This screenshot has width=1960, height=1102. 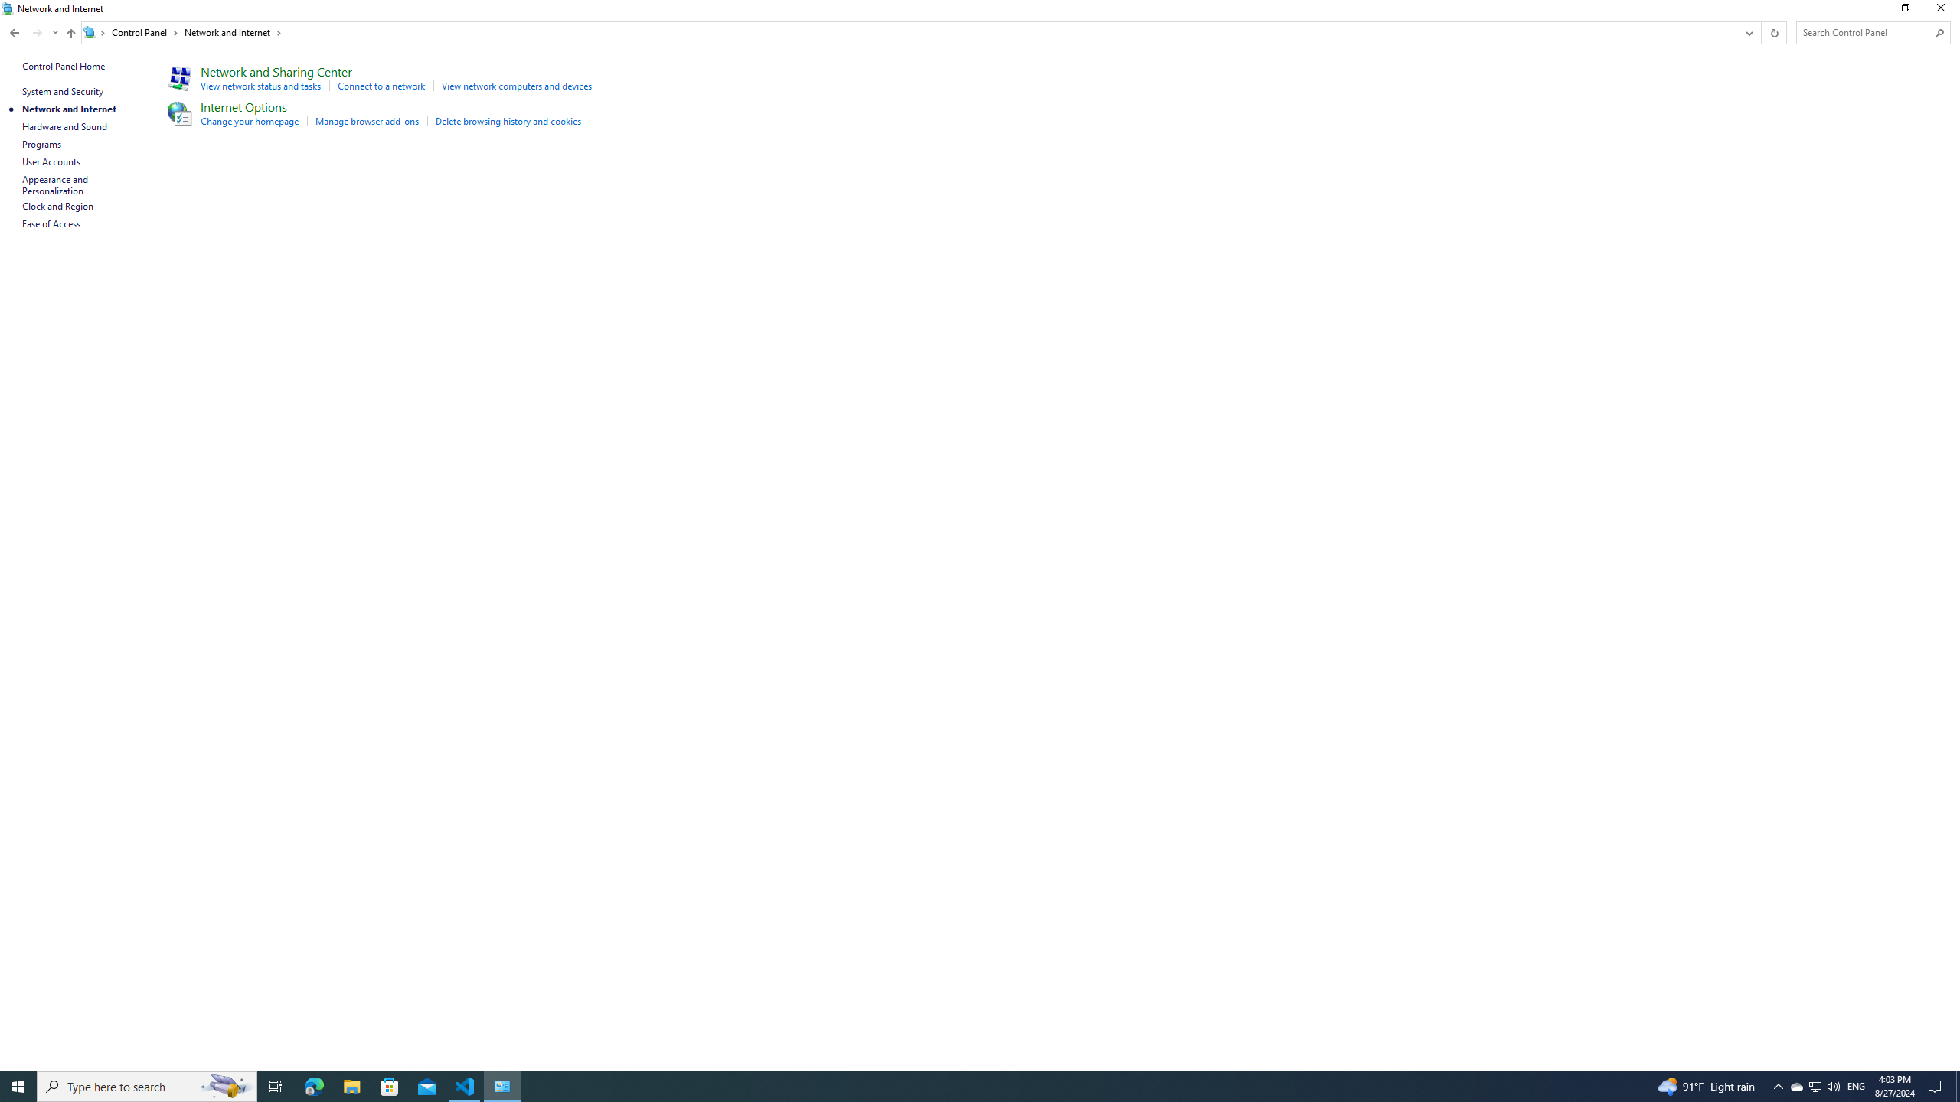 I want to click on 'User Accounts', so click(x=51, y=161).